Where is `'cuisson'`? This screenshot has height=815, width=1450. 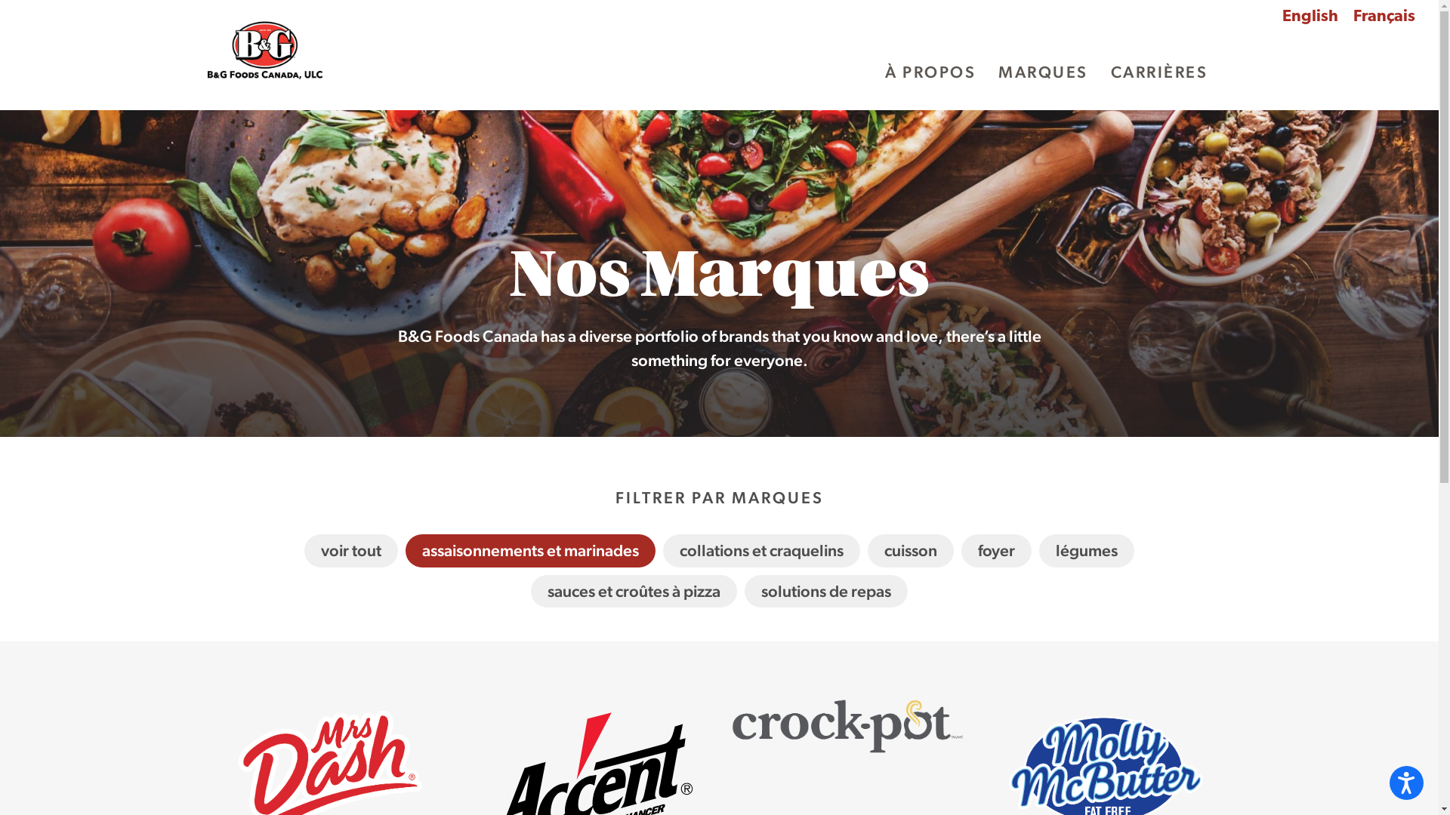 'cuisson' is located at coordinates (867, 550).